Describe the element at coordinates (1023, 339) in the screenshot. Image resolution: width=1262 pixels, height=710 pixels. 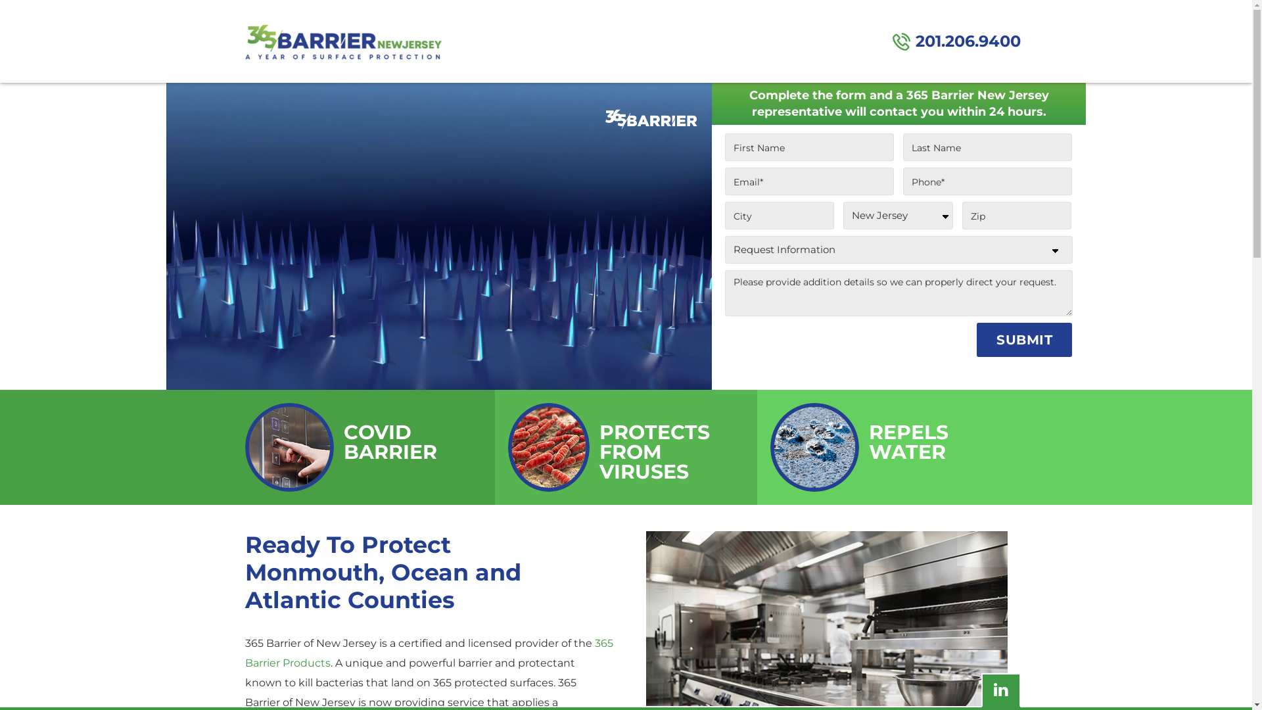
I see `'SUBMIT'` at that location.